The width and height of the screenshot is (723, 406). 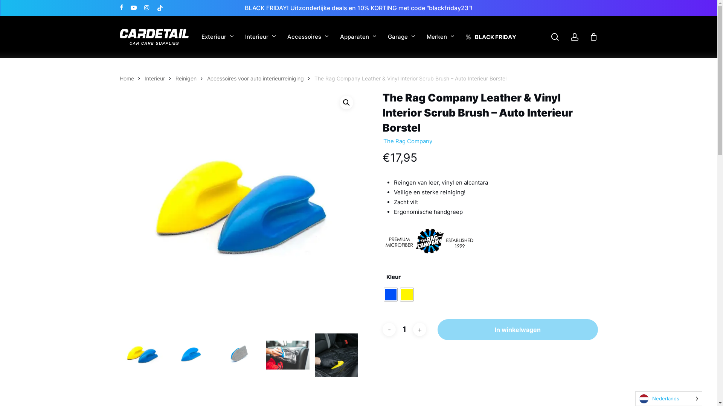 I want to click on 'In winkelwagen', so click(x=517, y=329).